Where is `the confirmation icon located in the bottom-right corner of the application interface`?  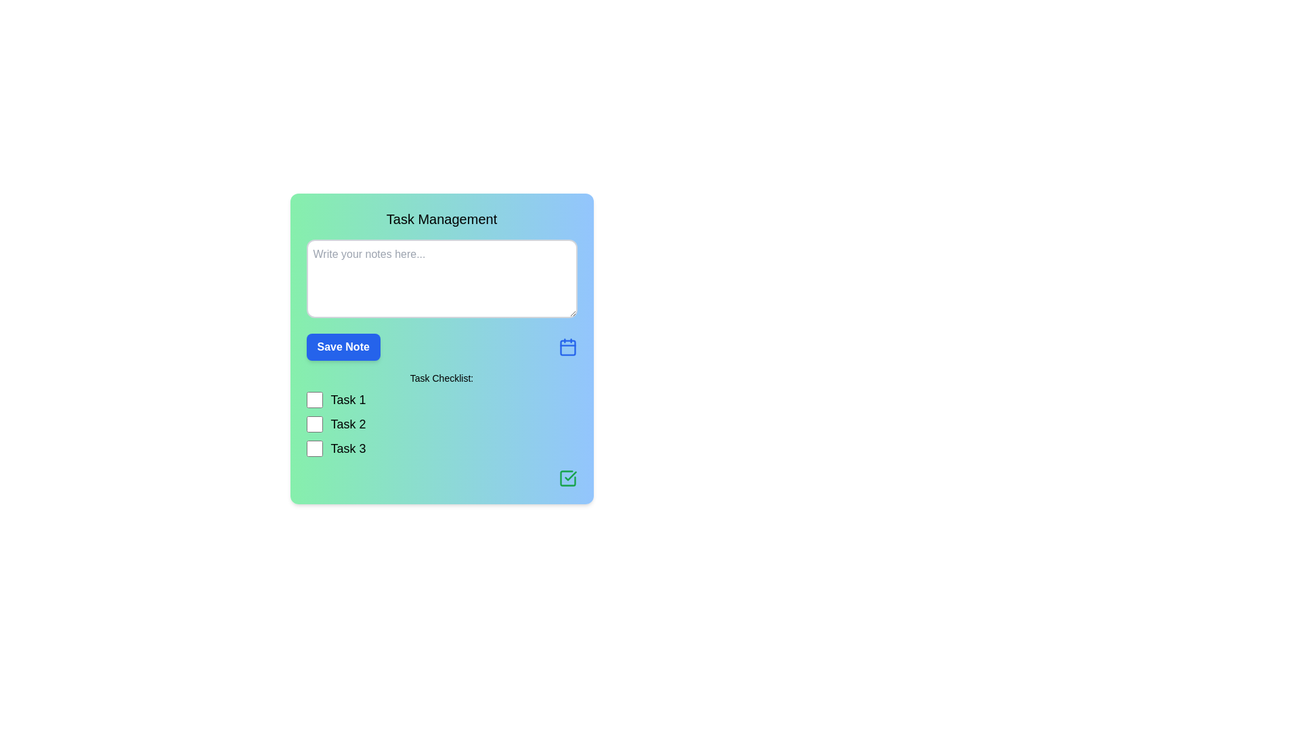 the confirmation icon located in the bottom-right corner of the application interface is located at coordinates (570, 475).